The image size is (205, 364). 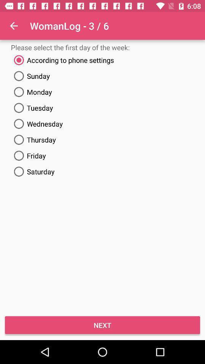 What do you see at coordinates (102, 76) in the screenshot?
I see `icon above the monday item` at bounding box center [102, 76].